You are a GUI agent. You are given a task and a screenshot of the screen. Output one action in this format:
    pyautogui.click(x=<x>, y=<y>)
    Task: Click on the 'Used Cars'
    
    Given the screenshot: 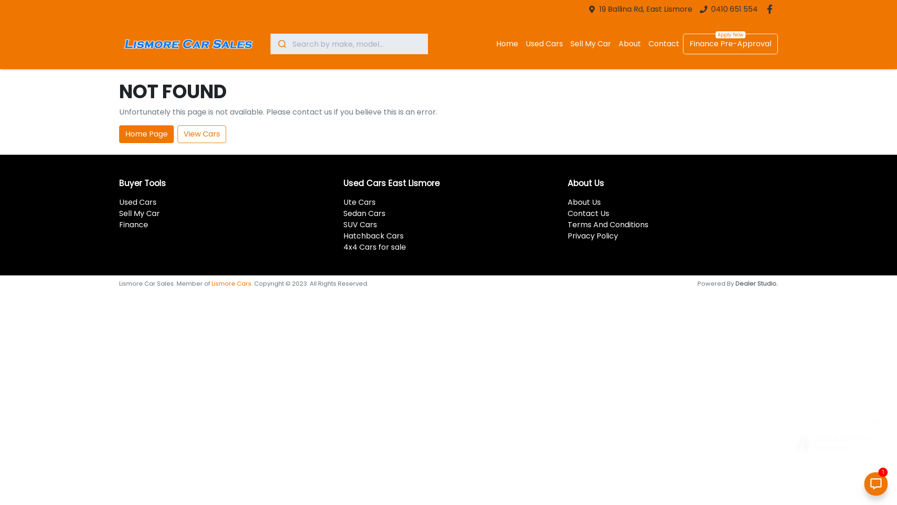 What is the action you would take?
    pyautogui.click(x=544, y=43)
    